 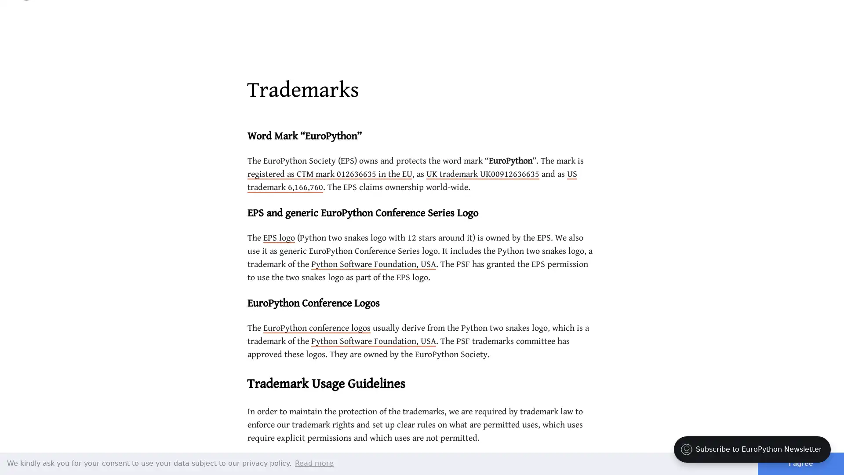 I want to click on learn more about cookies, so click(x=314, y=463).